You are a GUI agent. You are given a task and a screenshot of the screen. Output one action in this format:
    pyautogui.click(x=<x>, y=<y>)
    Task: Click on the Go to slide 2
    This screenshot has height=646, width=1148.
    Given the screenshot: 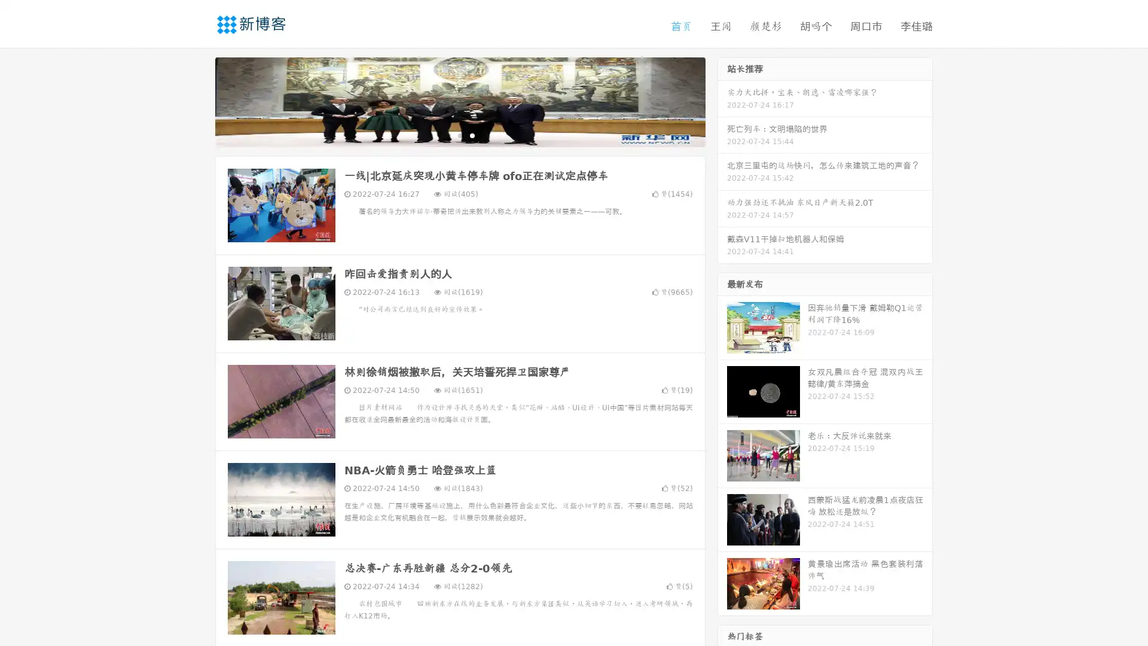 What is the action you would take?
    pyautogui.click(x=459, y=135)
    